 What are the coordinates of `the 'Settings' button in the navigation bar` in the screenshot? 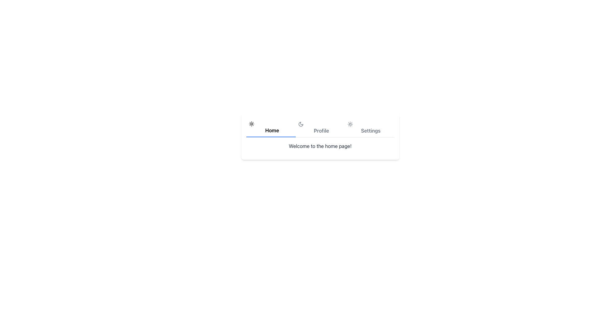 It's located at (369, 128).